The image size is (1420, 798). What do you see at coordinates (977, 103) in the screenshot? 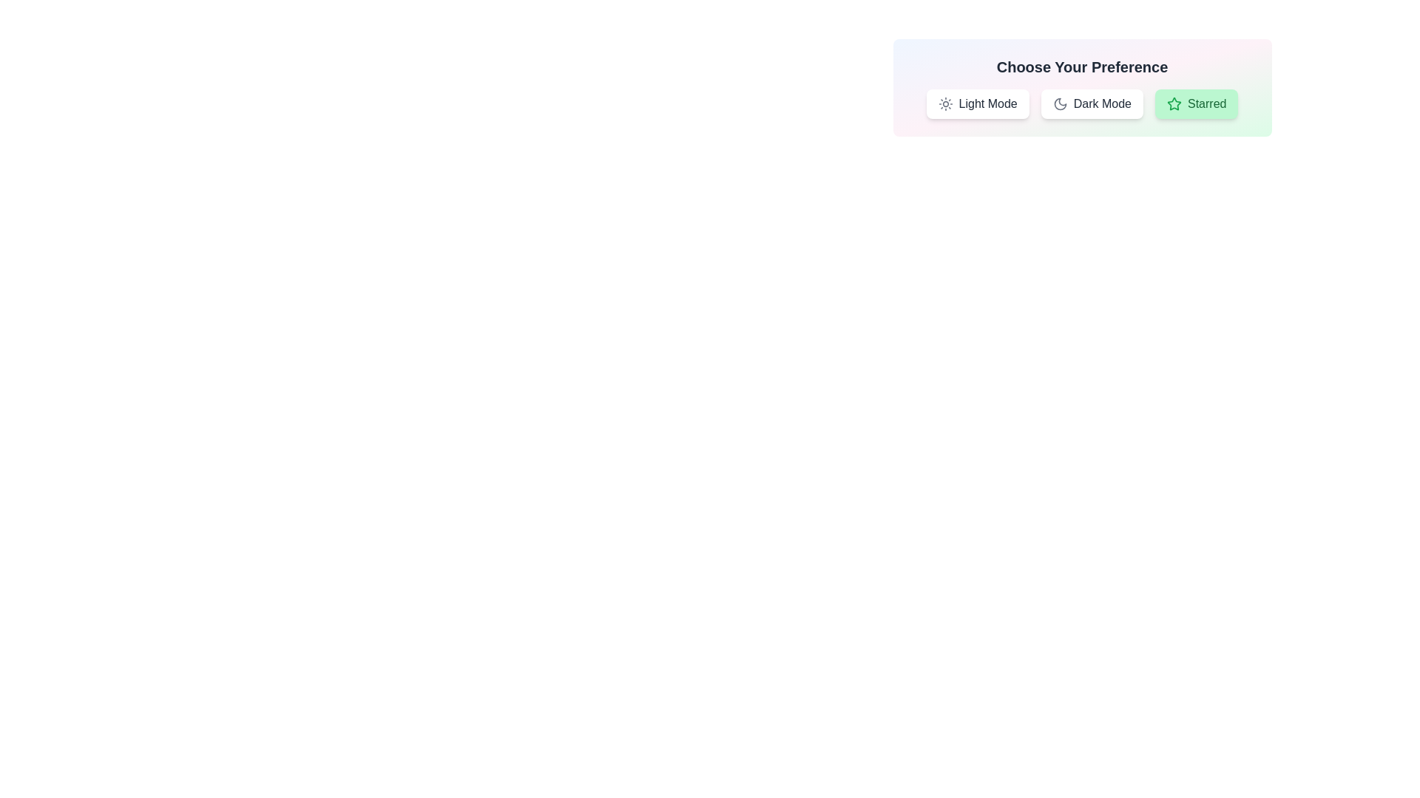
I see `the chip labeled Light Mode` at bounding box center [977, 103].